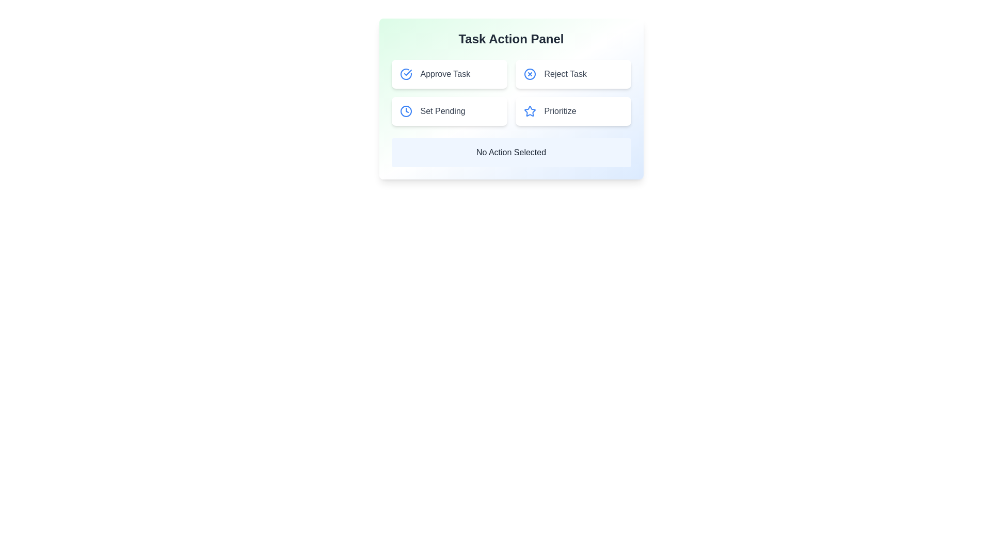 This screenshot has width=991, height=557. I want to click on the blue circular clock icon located to the left of the 'Set Pending' button in the second row of buttons, so click(405, 111).